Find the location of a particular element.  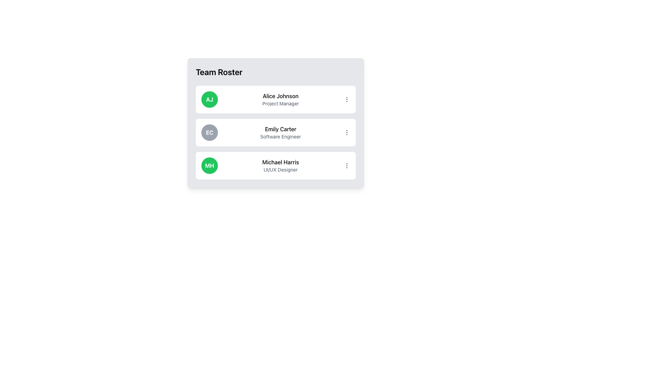

the text block displaying 'Emily Carter' and 'Software Engineer', which is the second item in the 'Team Roster' panel, positioned centrally next to the circular avatar is located at coordinates (281, 133).